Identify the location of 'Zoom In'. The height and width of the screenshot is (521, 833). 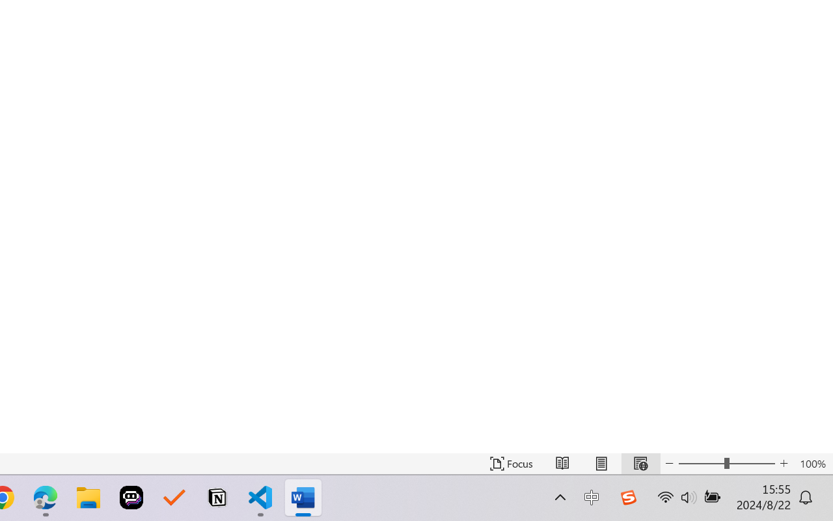
(784, 463).